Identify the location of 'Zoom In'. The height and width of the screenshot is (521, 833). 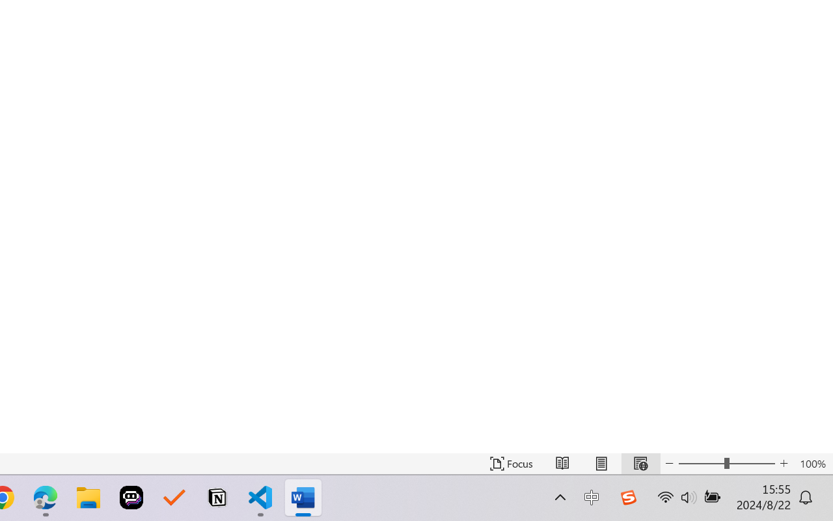
(784, 463).